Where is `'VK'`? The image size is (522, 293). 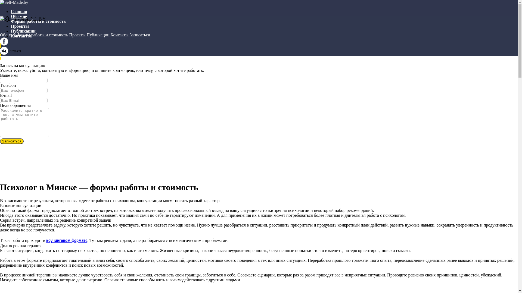
'VK' is located at coordinates (0, 53).